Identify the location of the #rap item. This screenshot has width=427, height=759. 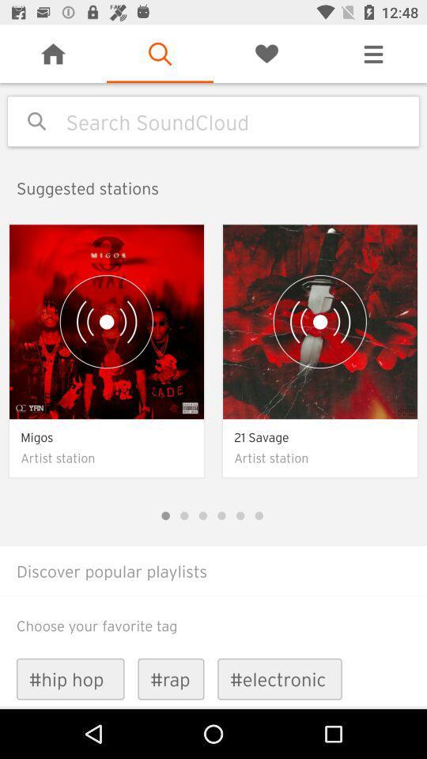
(170, 678).